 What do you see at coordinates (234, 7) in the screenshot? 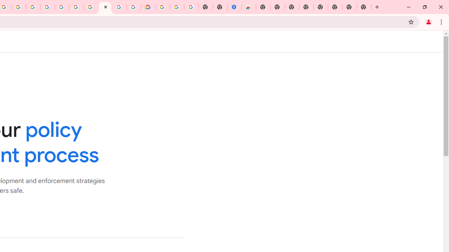
I see `'Settings - Accessibility'` at bounding box center [234, 7].